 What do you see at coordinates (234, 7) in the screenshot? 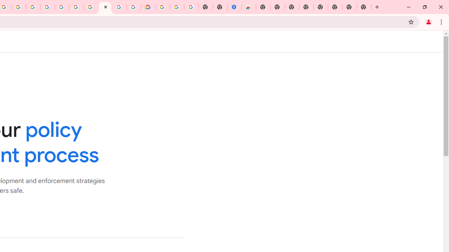
I see `'Settings - Accessibility'` at bounding box center [234, 7].